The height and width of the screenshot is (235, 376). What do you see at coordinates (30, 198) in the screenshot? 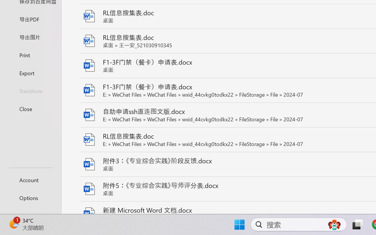
I see `'Options'` at bounding box center [30, 198].